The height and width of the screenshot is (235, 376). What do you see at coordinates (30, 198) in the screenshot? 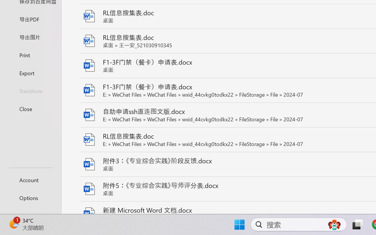
I see `'Options'` at bounding box center [30, 198].